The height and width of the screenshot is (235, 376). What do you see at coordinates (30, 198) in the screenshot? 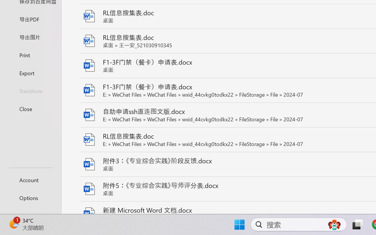
I see `'Options'` at bounding box center [30, 198].